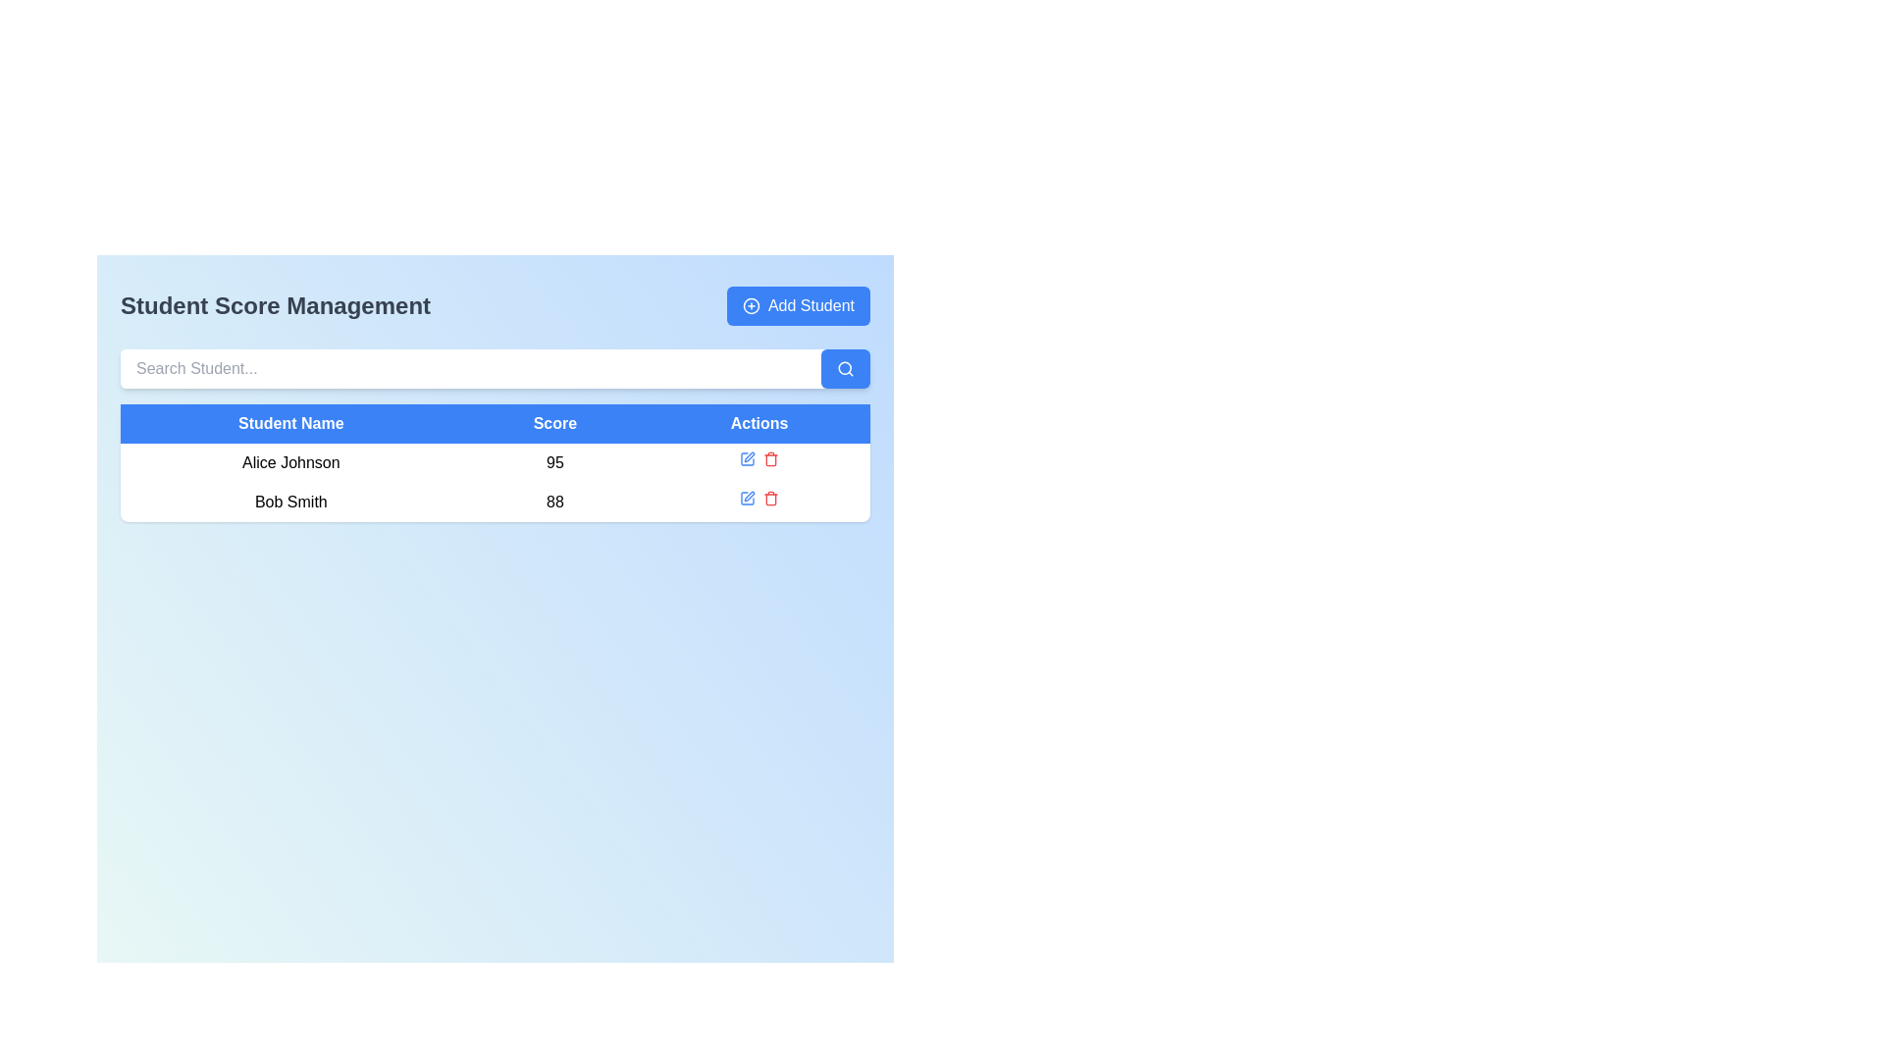 This screenshot has width=1884, height=1060. Describe the element at coordinates (289, 462) in the screenshot. I see `the text label displaying the name 'Alice Johnson' in the 'Student Name' column of the data table` at that location.